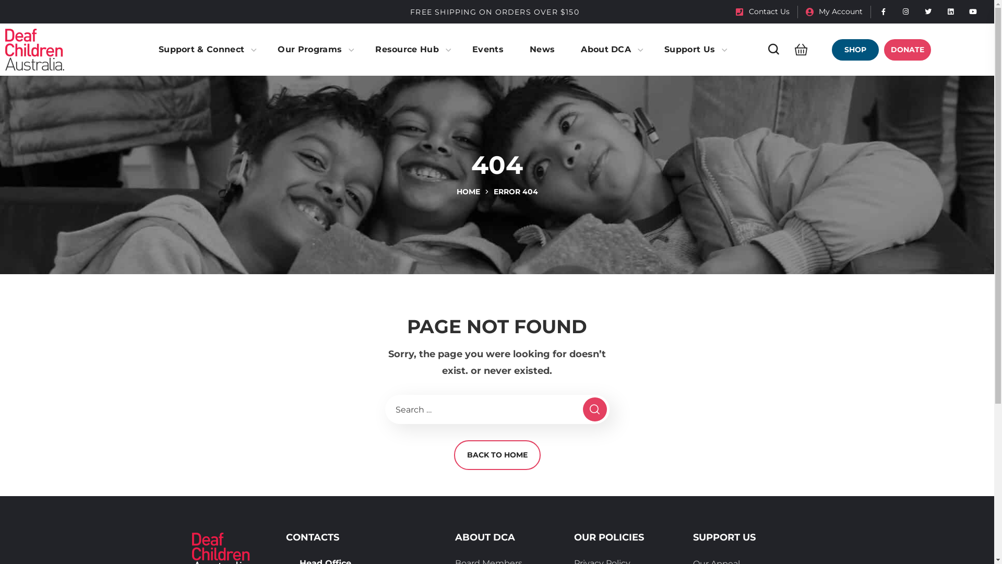 Image resolution: width=1002 pixels, height=564 pixels. I want to click on 'BACK TO HOME', so click(454, 454).